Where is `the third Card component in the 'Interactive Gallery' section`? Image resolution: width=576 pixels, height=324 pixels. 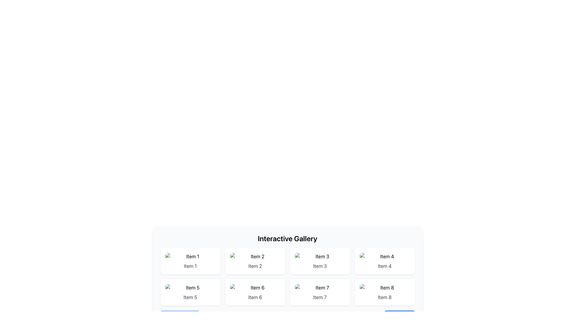 the third Card component in the 'Interactive Gallery' section is located at coordinates (319, 261).